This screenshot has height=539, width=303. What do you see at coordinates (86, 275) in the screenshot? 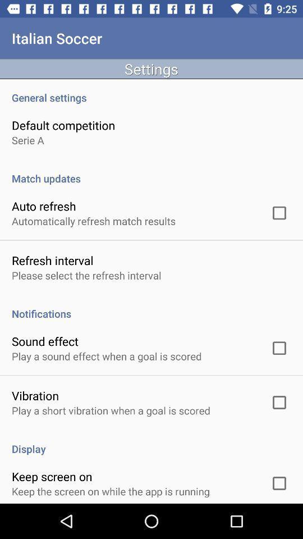
I see `the app above the notifications app` at bounding box center [86, 275].